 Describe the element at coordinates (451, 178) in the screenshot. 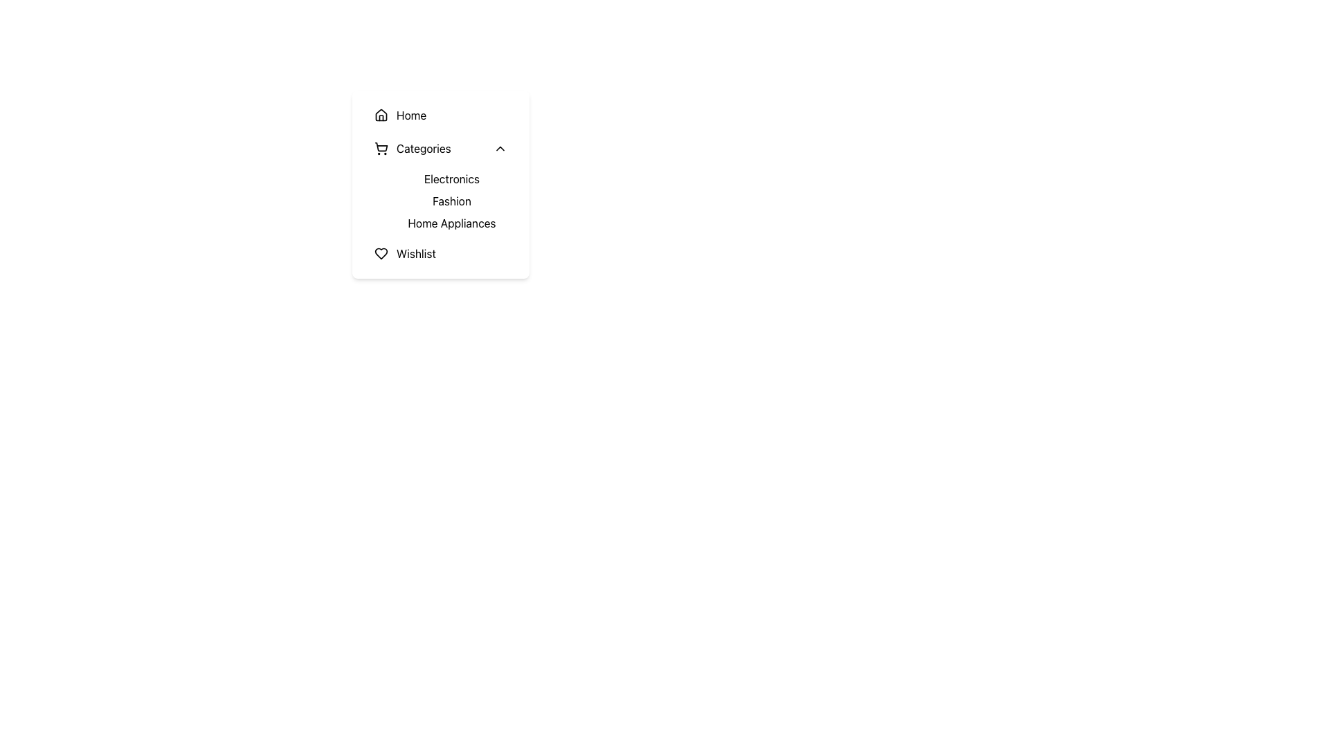

I see `the 'Electronics' navigation button, which is the first item in the vertical list under the 'Categories' section` at that location.